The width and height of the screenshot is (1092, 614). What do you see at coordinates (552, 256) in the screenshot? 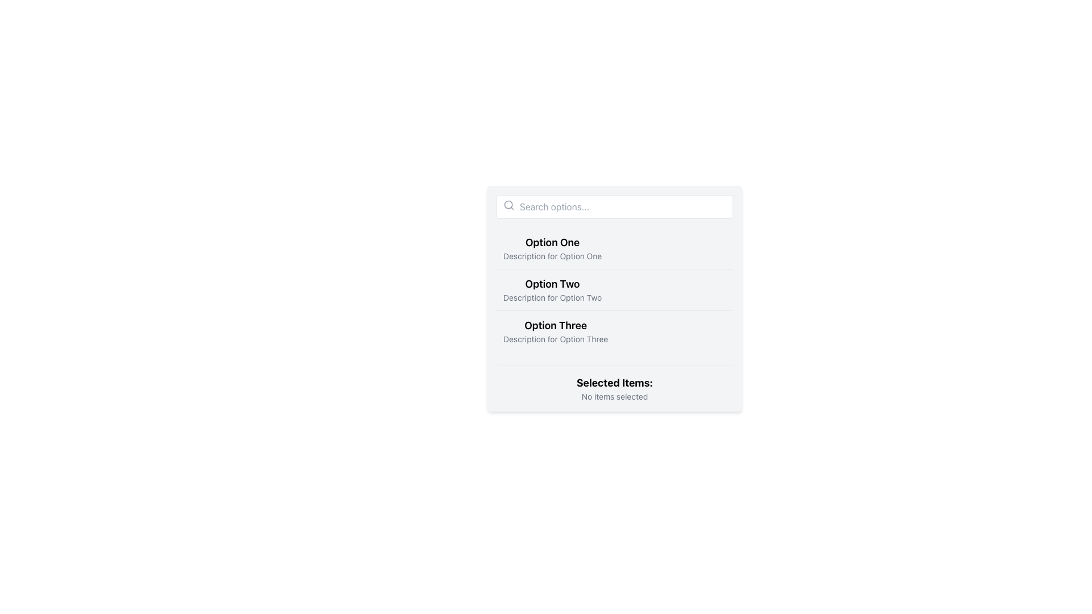
I see `description provided by the text label located beneath the bold 'Option One' text in the dropdown list` at bounding box center [552, 256].